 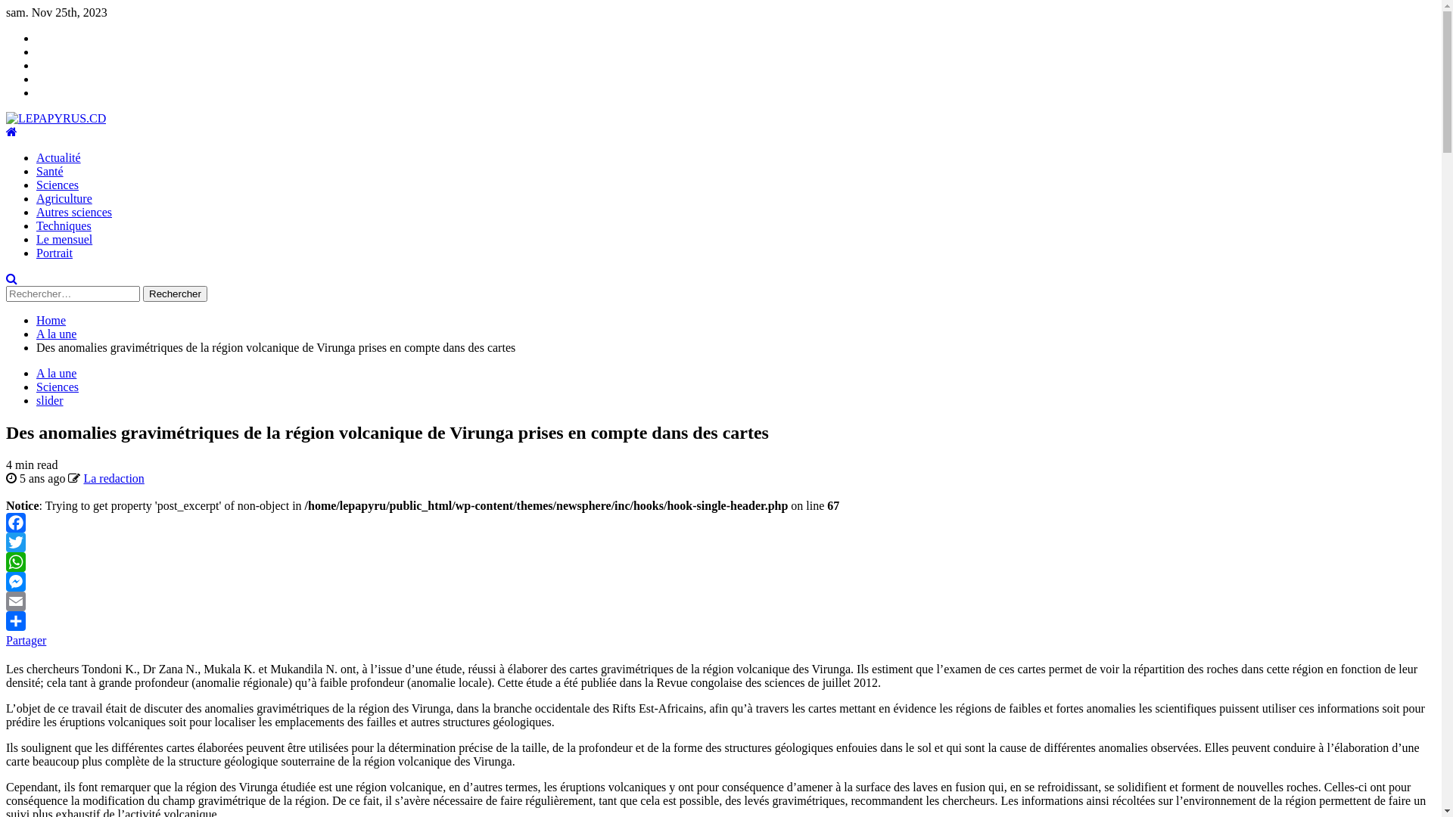 What do you see at coordinates (112, 478) in the screenshot?
I see `'La redaction'` at bounding box center [112, 478].